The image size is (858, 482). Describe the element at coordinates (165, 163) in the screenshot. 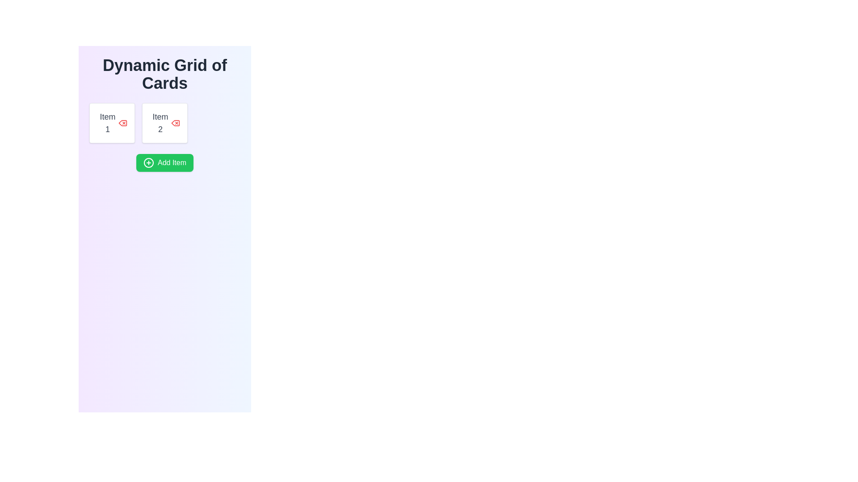

I see `the 'Add Item' button with a green background and white text located below the 'Item 1' and 'Item 2' cards` at that location.